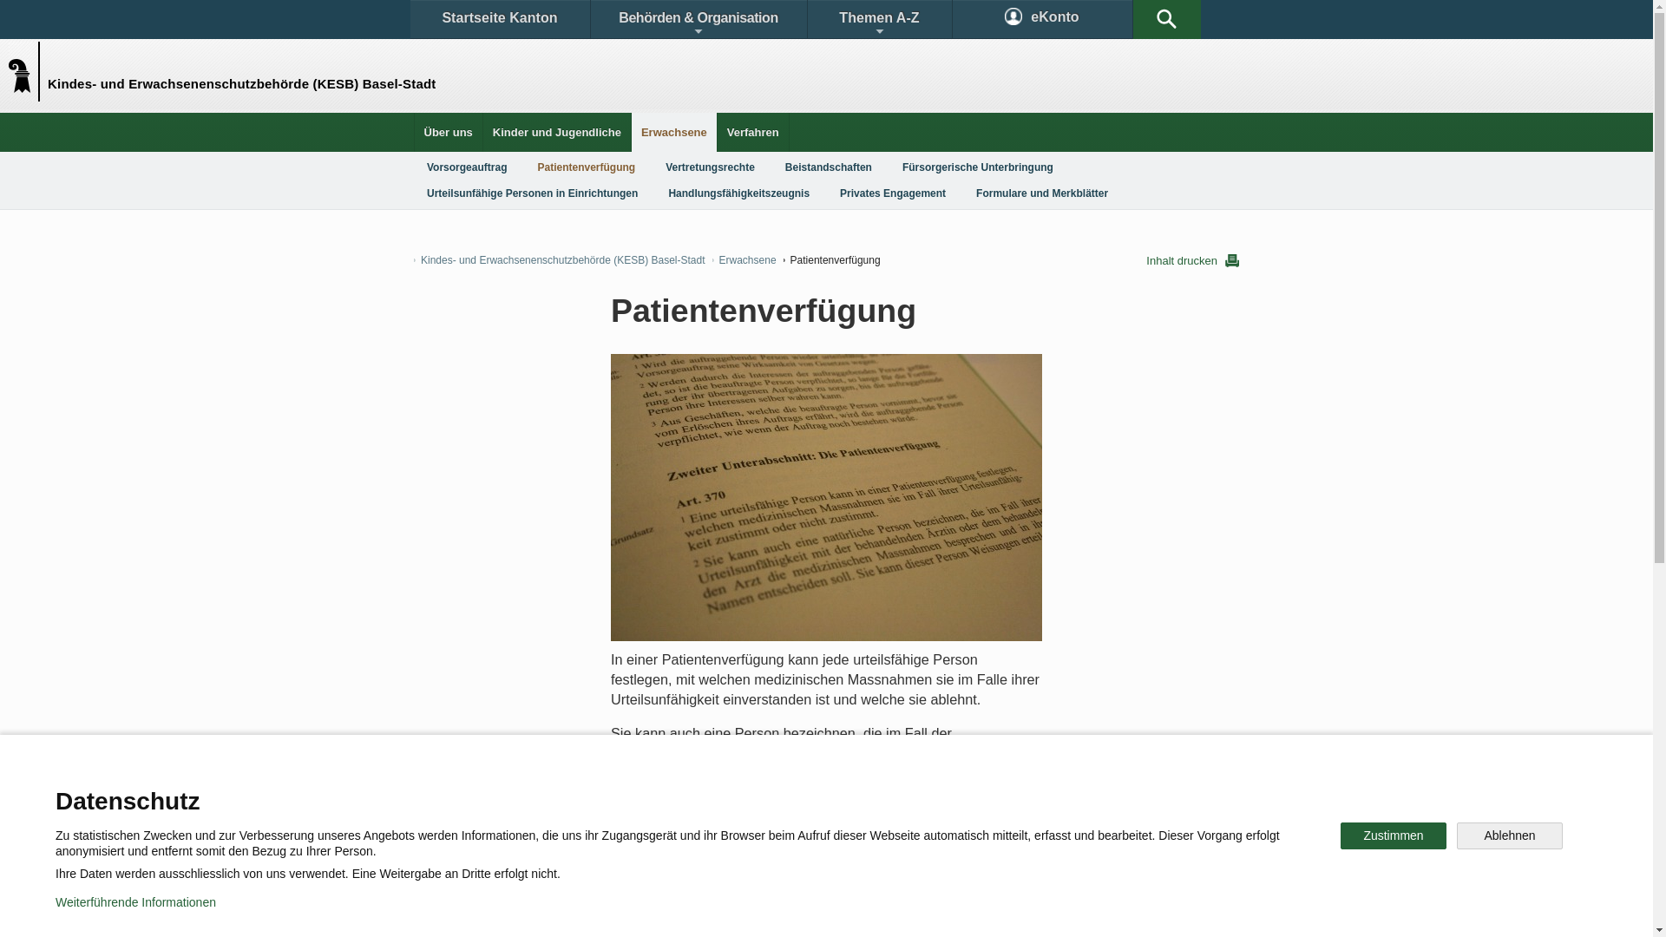  What do you see at coordinates (734, 852) in the screenshot?
I see `'Twitter'` at bounding box center [734, 852].